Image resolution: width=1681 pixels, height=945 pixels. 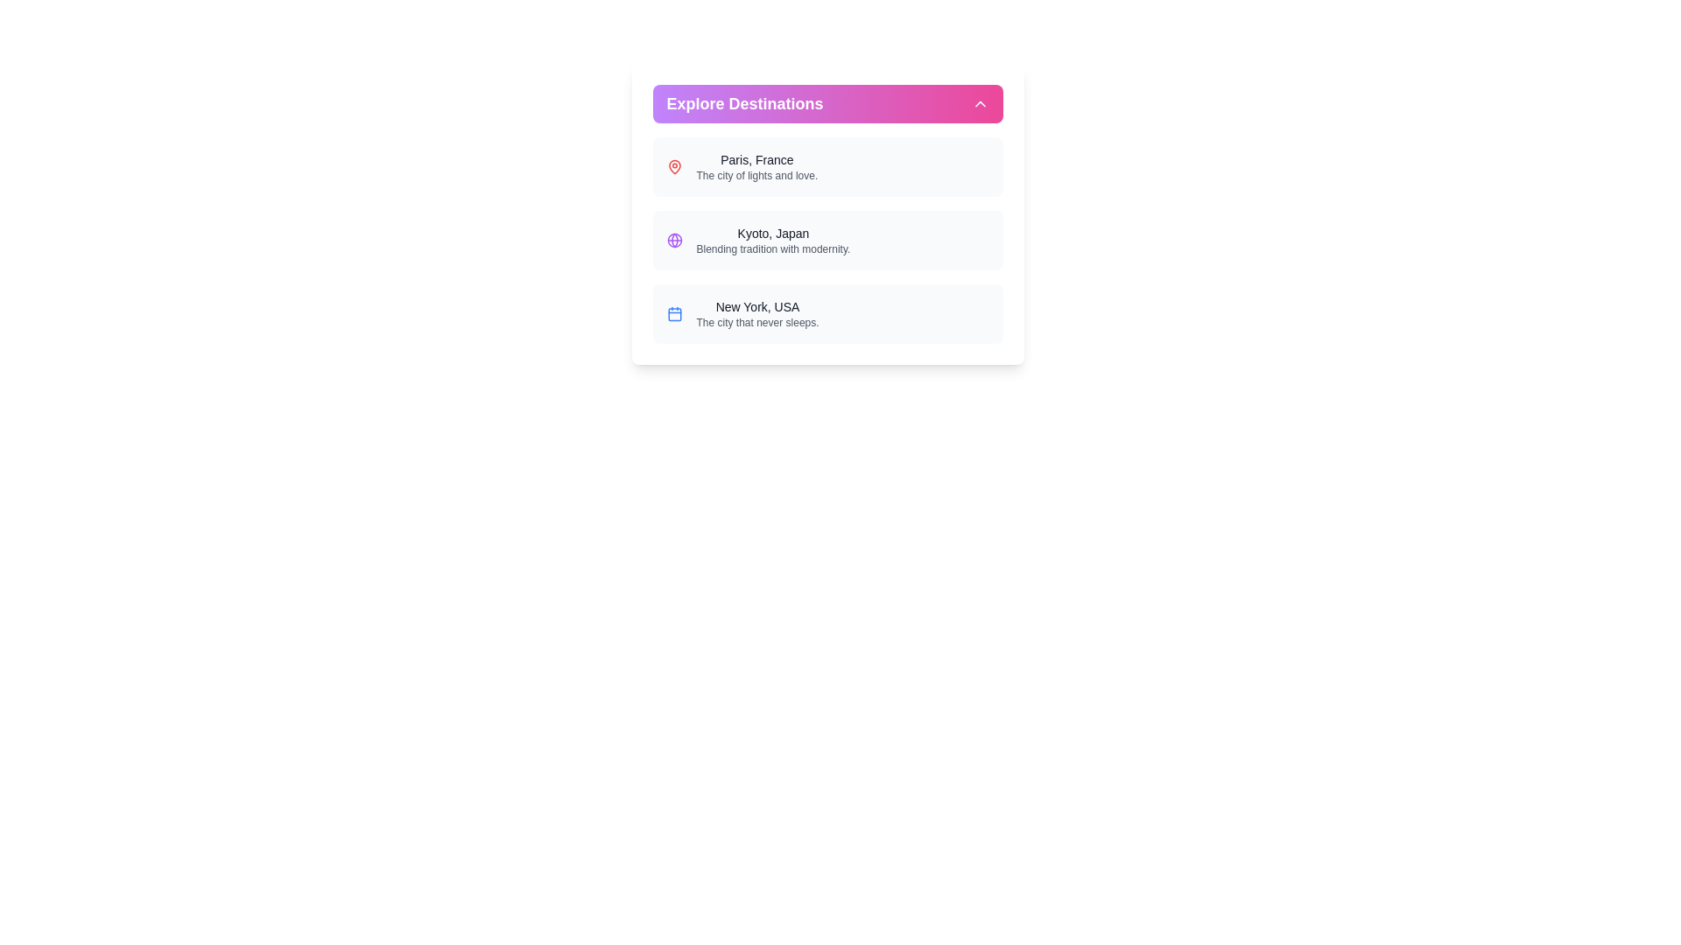 What do you see at coordinates (673, 240) in the screenshot?
I see `the destination icon for 'Kyoto, Japan' by navigating to it` at bounding box center [673, 240].